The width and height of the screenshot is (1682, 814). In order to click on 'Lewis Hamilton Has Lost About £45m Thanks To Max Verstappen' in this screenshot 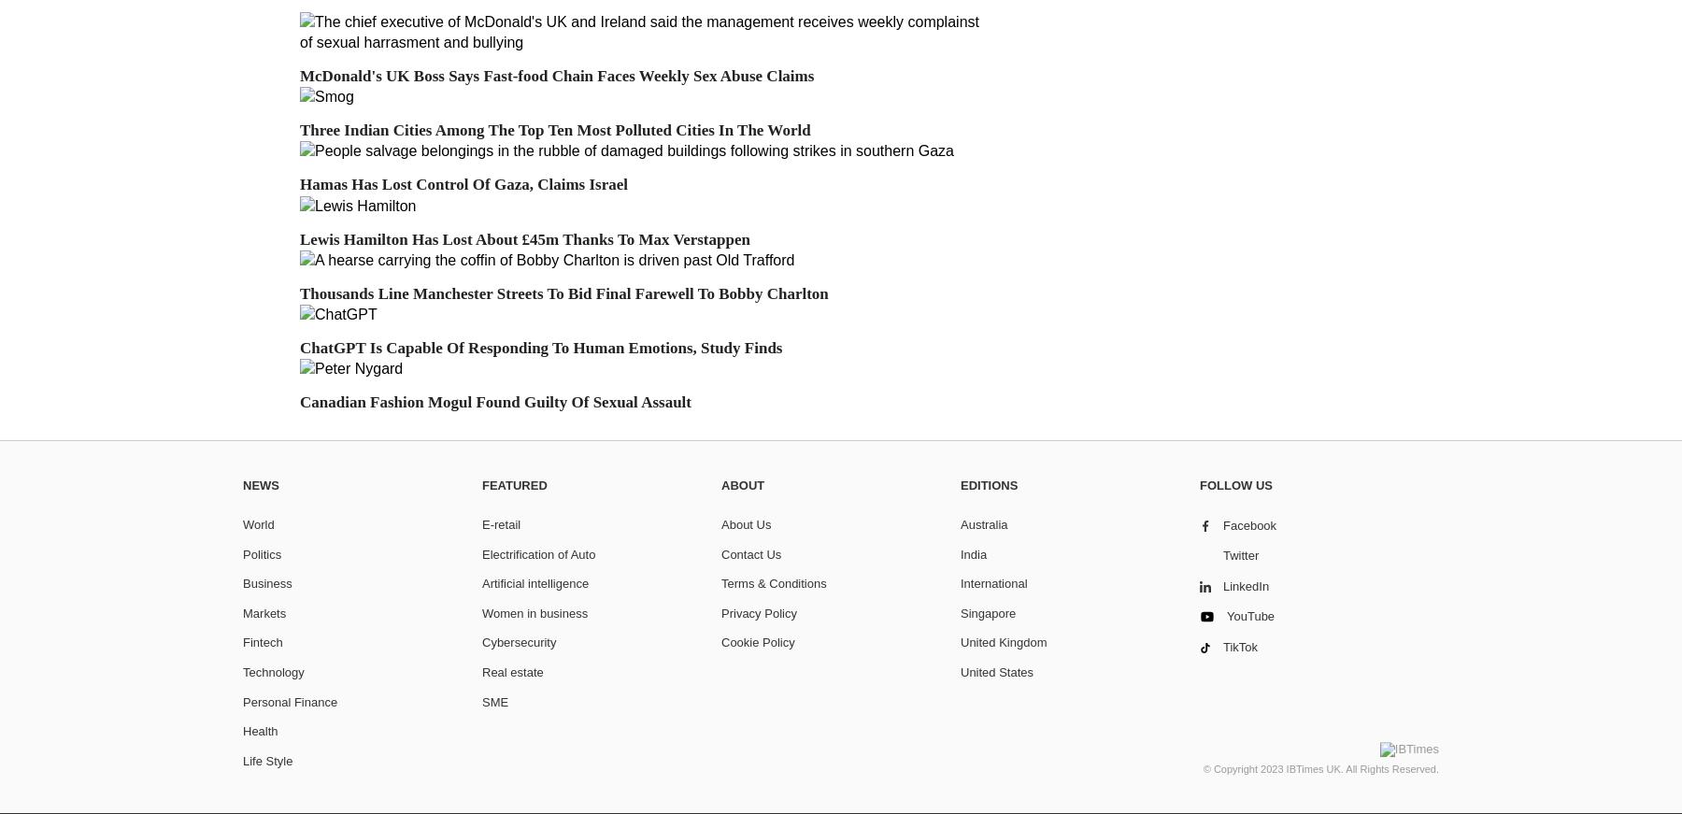, I will do `click(298, 238)`.